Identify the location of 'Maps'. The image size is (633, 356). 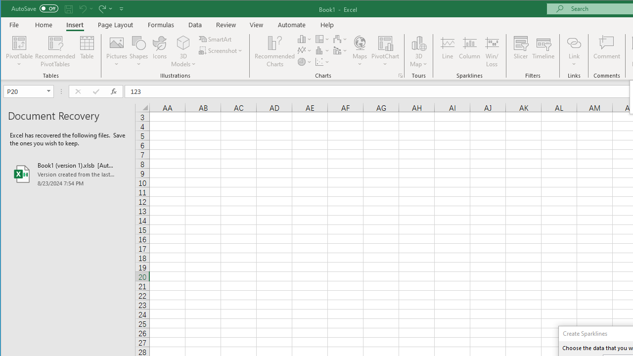
(359, 51).